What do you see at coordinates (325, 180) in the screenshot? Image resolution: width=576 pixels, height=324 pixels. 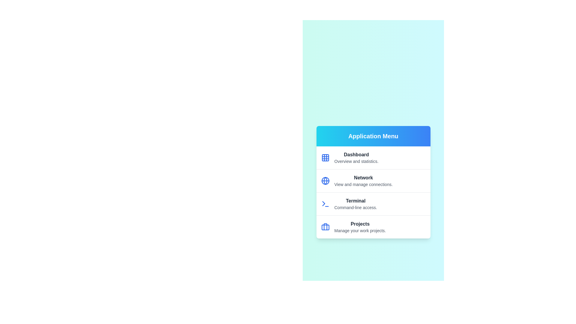 I see `the icon for the menu item labeled Network` at bounding box center [325, 180].